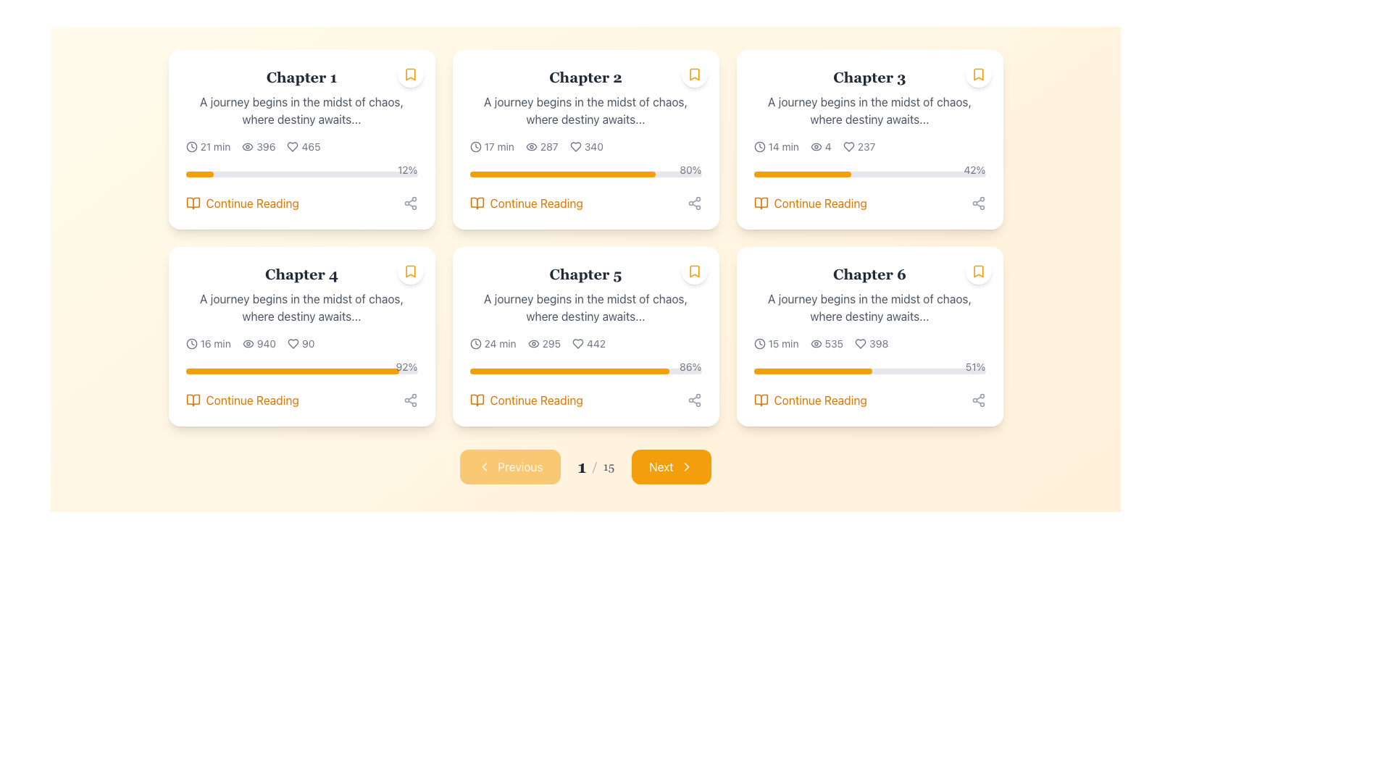 Image resolution: width=1391 pixels, height=782 pixels. What do you see at coordinates (191, 343) in the screenshot?
I see `the SVG circle element within the clock icon located in the 'Chapter 4' card, positioned before the '16 min' reading time text` at bounding box center [191, 343].